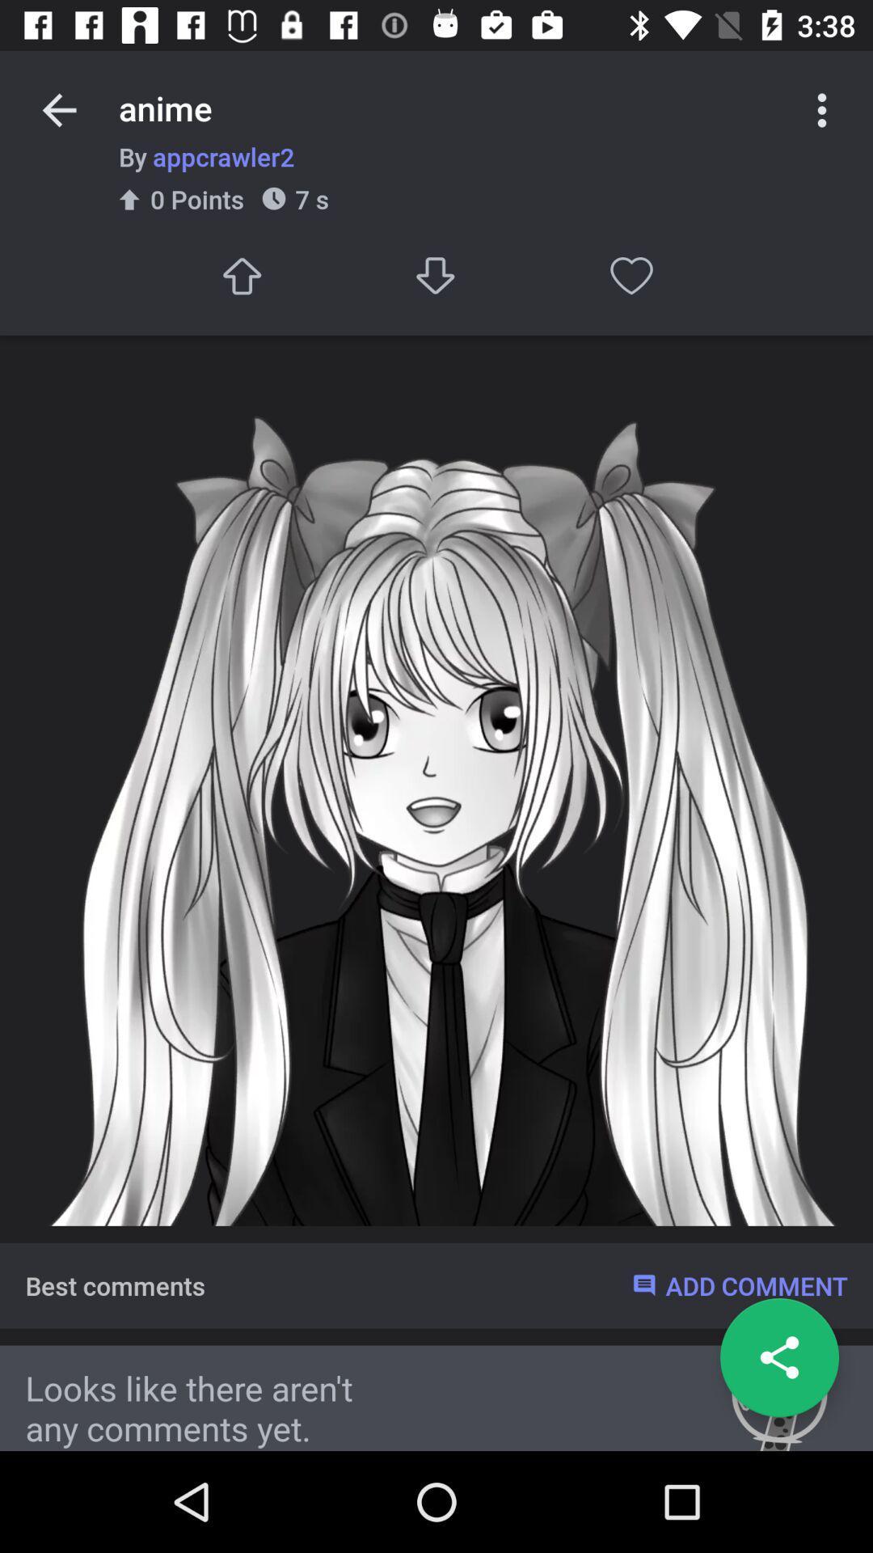 Image resolution: width=873 pixels, height=1553 pixels. Describe the element at coordinates (58, 109) in the screenshot. I see `go back` at that location.